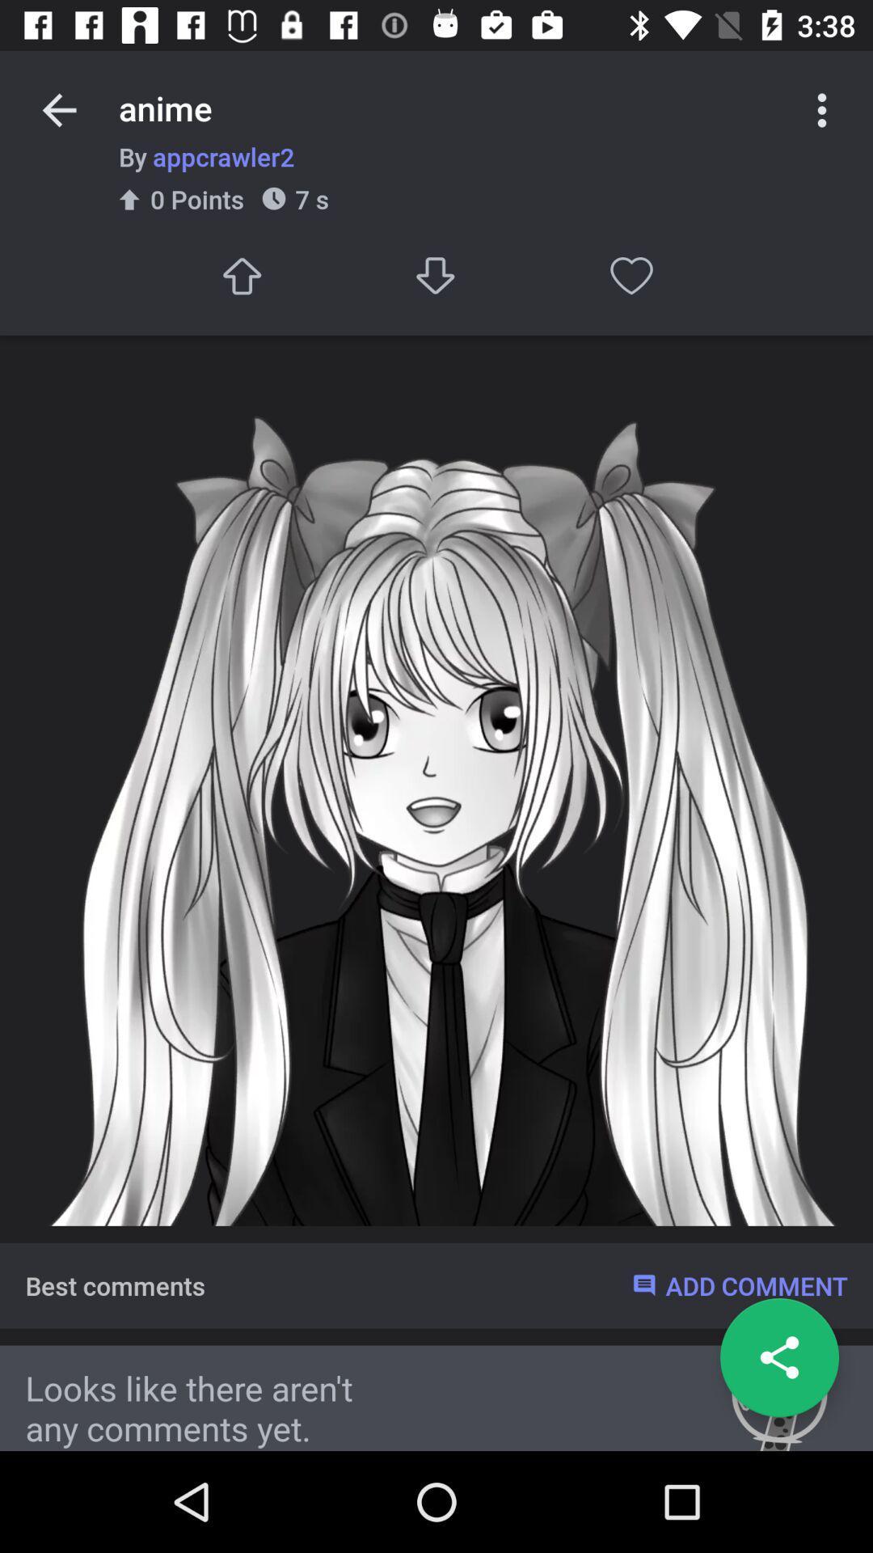 Image resolution: width=873 pixels, height=1553 pixels. Describe the element at coordinates (58, 109) in the screenshot. I see `go back` at that location.